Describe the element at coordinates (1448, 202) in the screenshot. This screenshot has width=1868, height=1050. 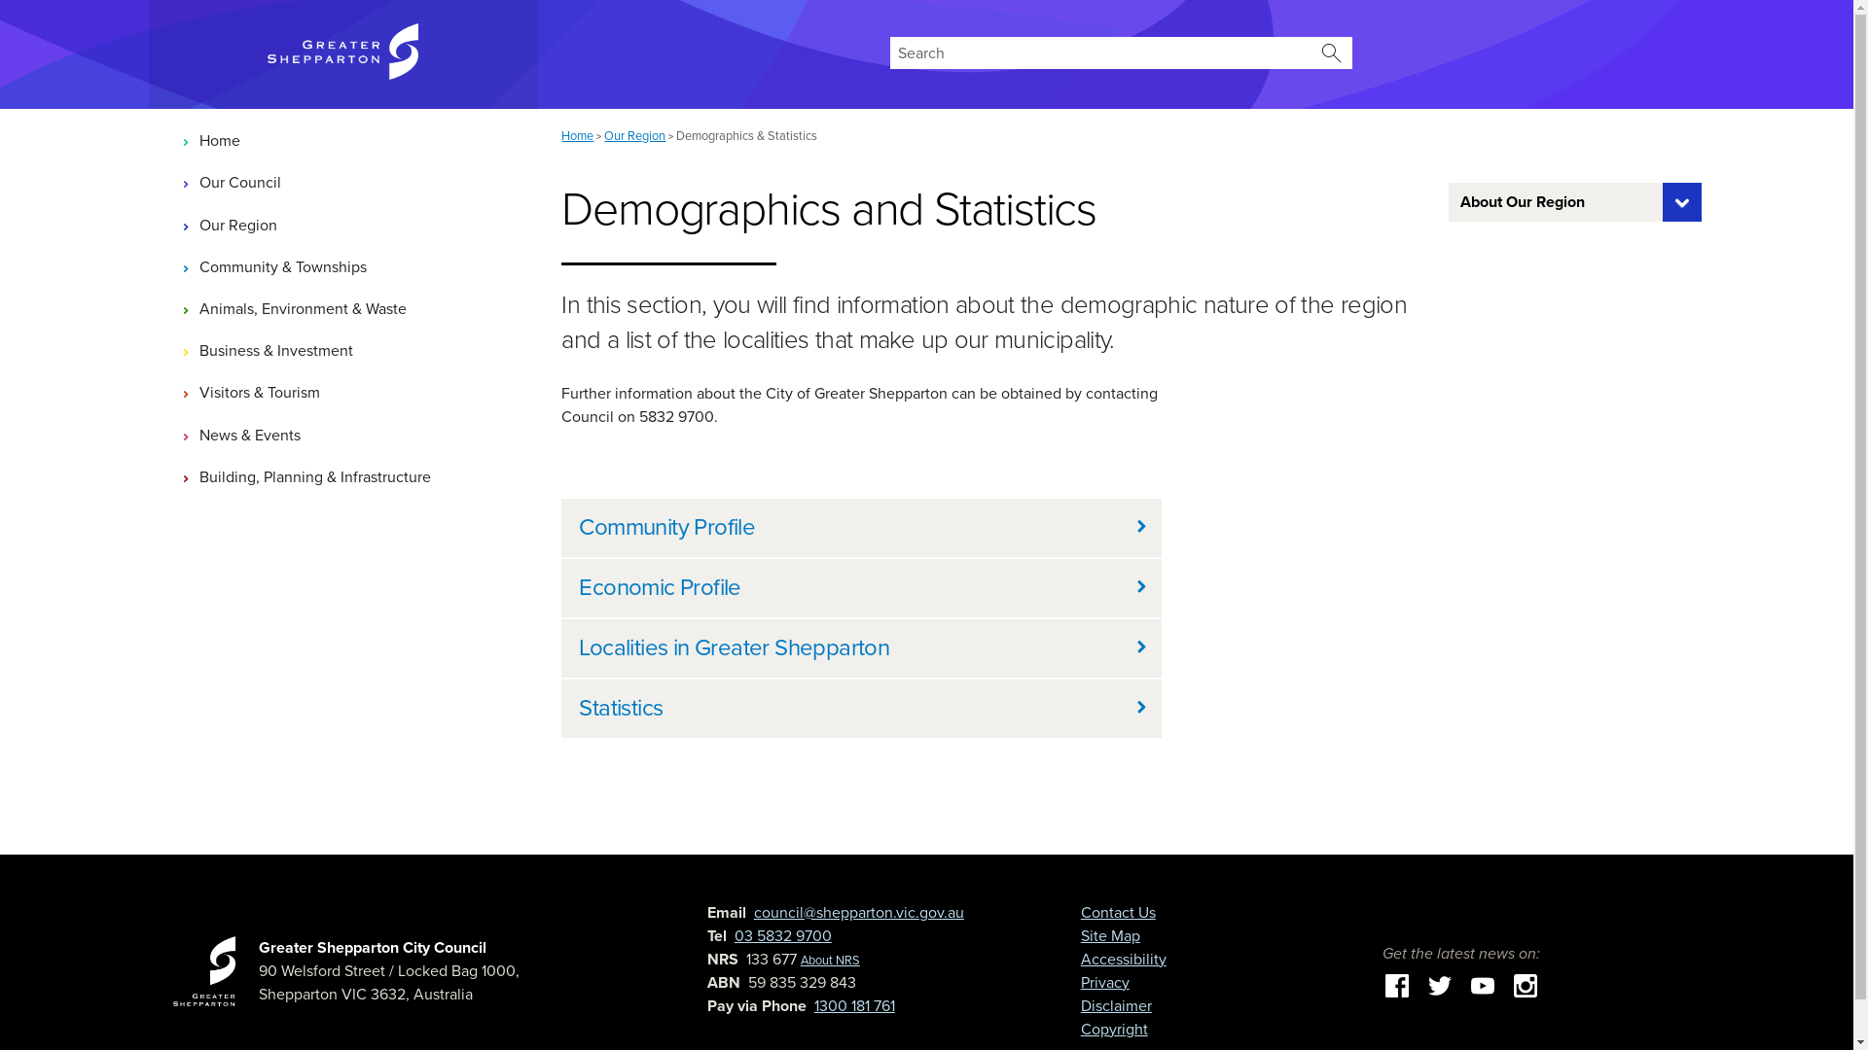
I see `'About Our Region'` at that location.